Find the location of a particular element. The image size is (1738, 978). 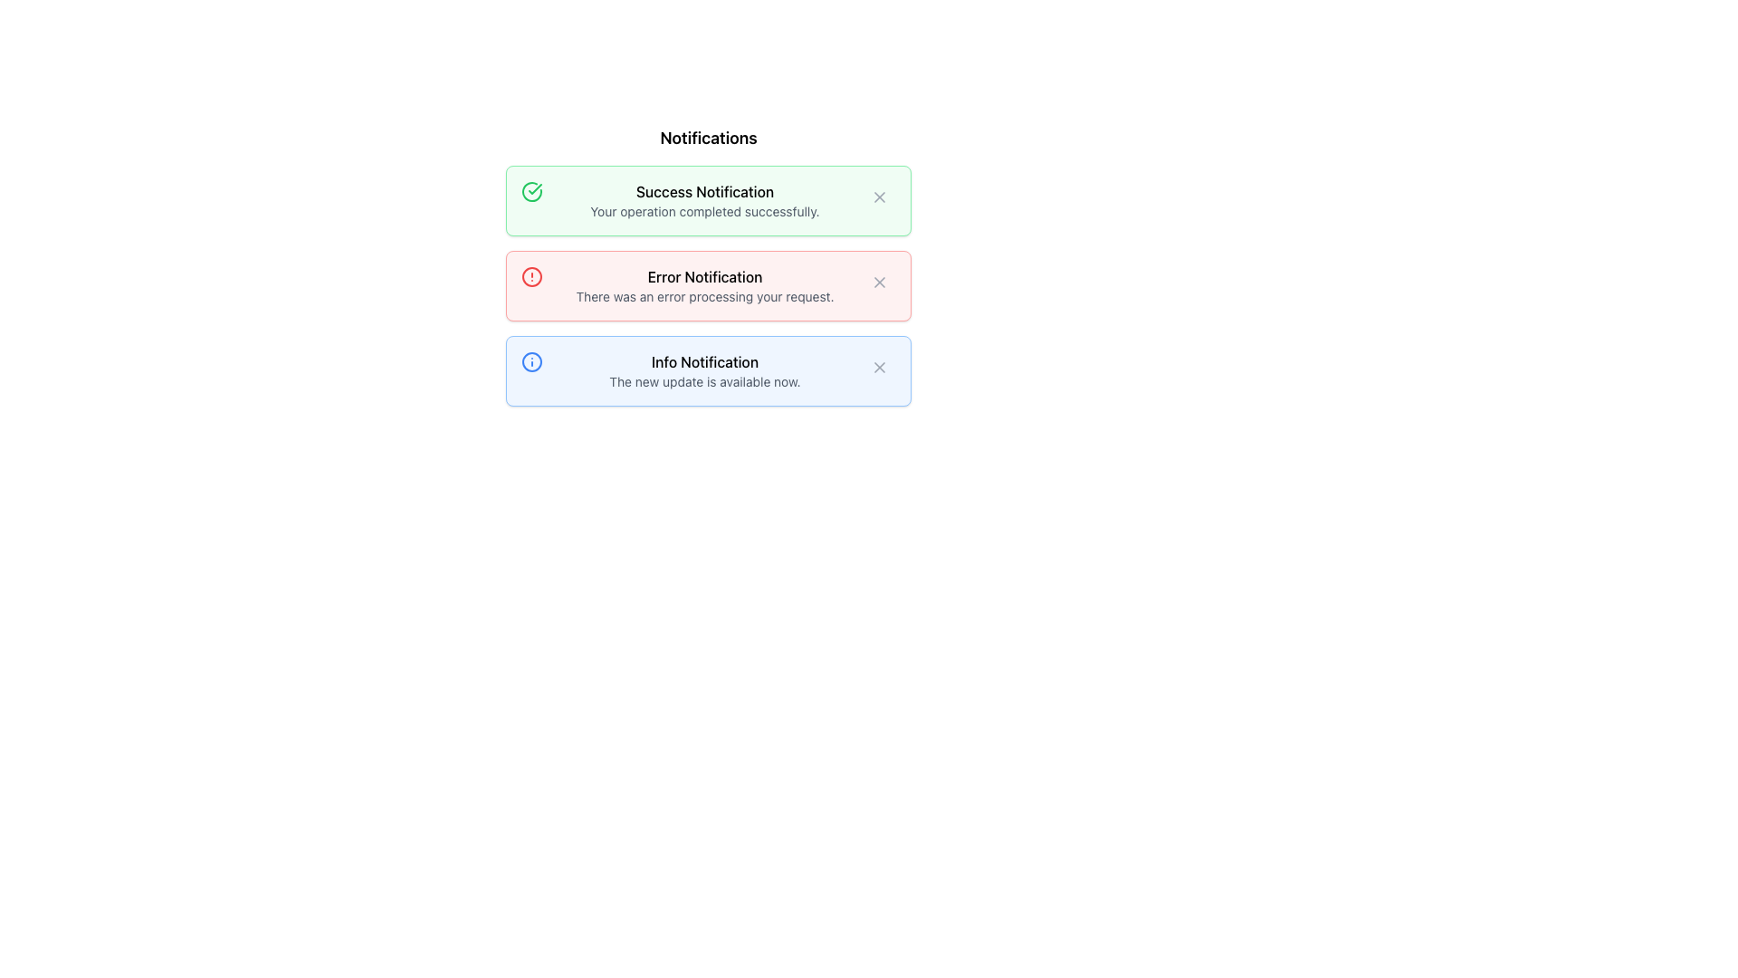

the Notification box that indicates a new update is available, positioned as the third notification in the stack below the Success and Error Notifications is located at coordinates (707, 369).